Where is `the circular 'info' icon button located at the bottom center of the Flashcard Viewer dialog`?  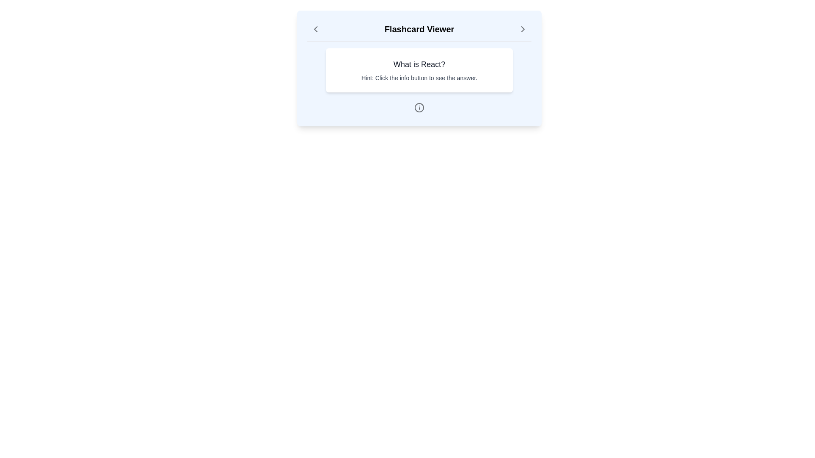 the circular 'info' icon button located at the bottom center of the Flashcard Viewer dialog is located at coordinates (419, 107).